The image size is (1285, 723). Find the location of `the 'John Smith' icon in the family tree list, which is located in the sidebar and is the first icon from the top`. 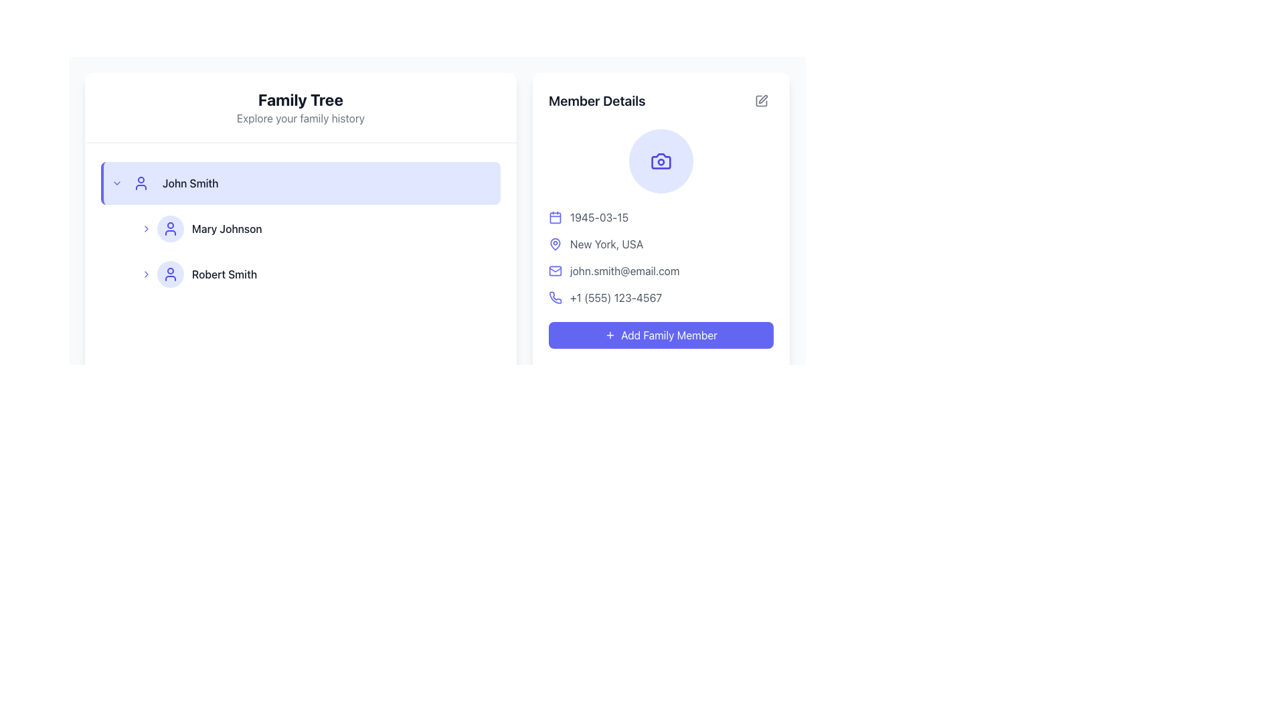

the 'John Smith' icon in the family tree list, which is located in the sidebar and is the first icon from the top is located at coordinates (141, 183).